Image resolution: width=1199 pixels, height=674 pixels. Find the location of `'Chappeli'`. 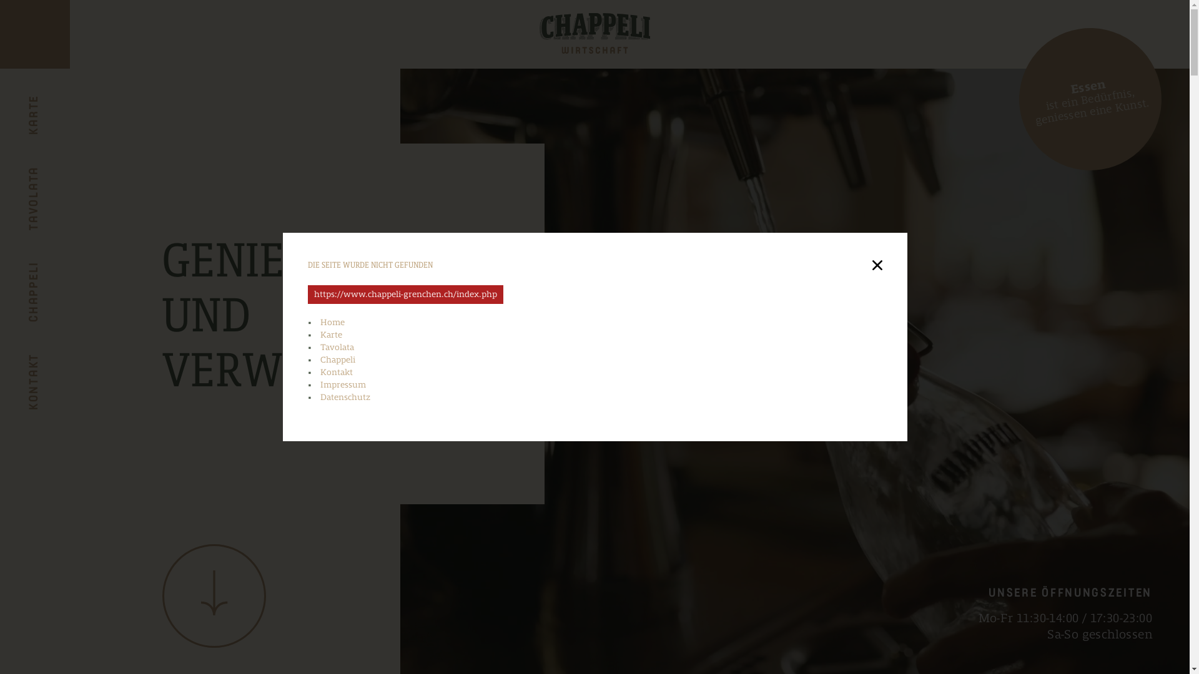

'Chappeli' is located at coordinates (337, 359).